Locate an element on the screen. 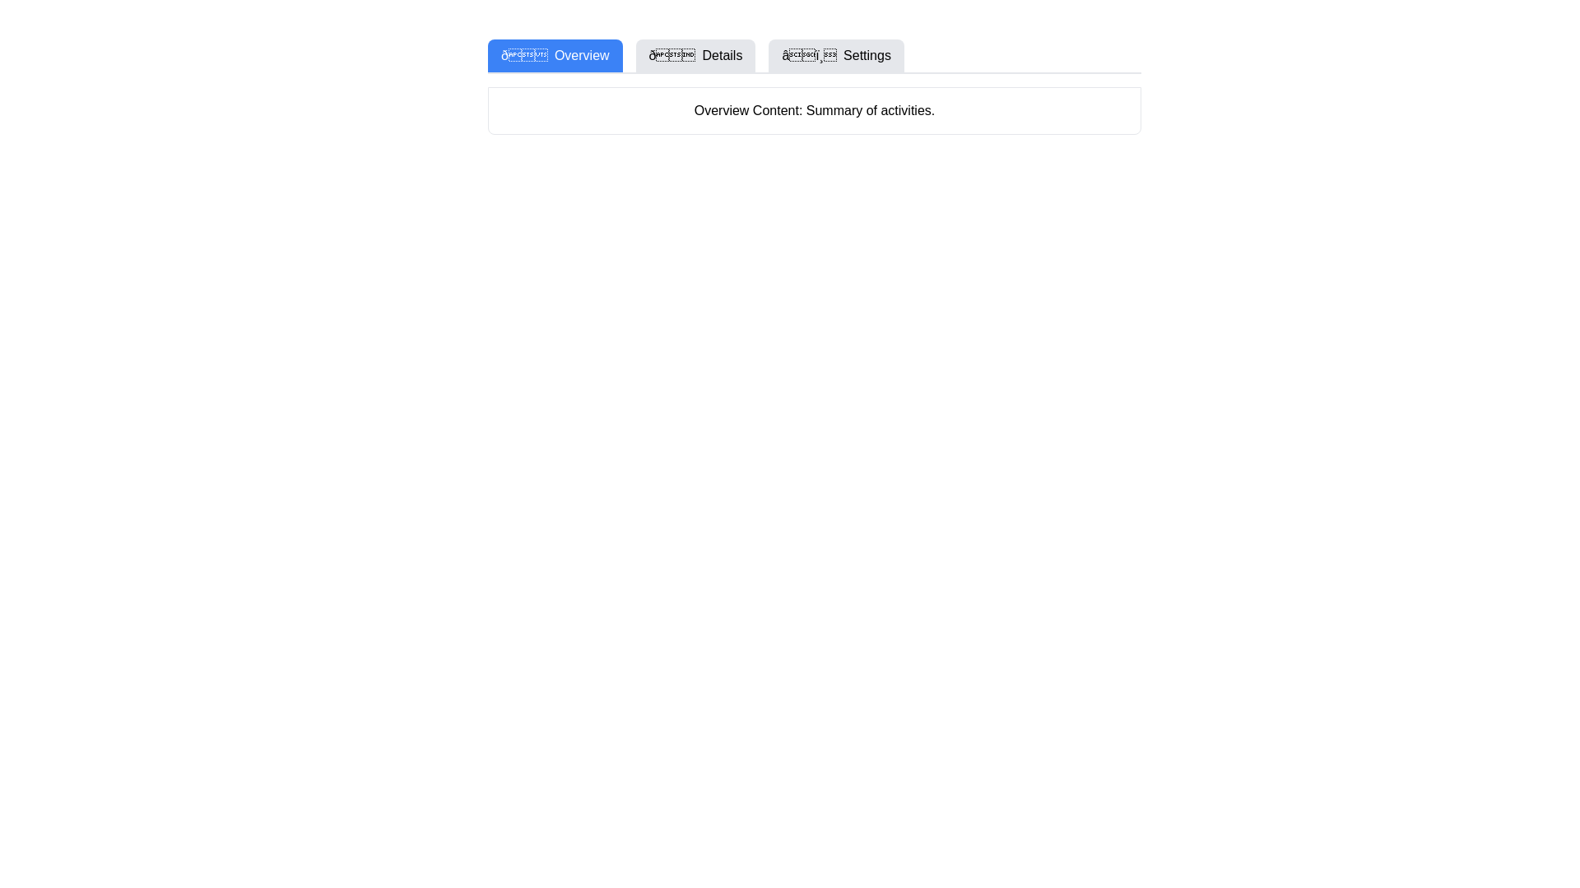  the second tab navigation button labeled 'Details' is located at coordinates (695, 55).